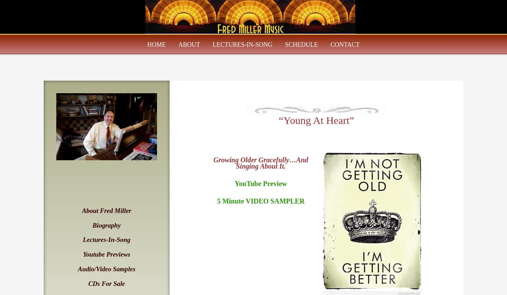  I want to click on 'Schedule', so click(301, 45).